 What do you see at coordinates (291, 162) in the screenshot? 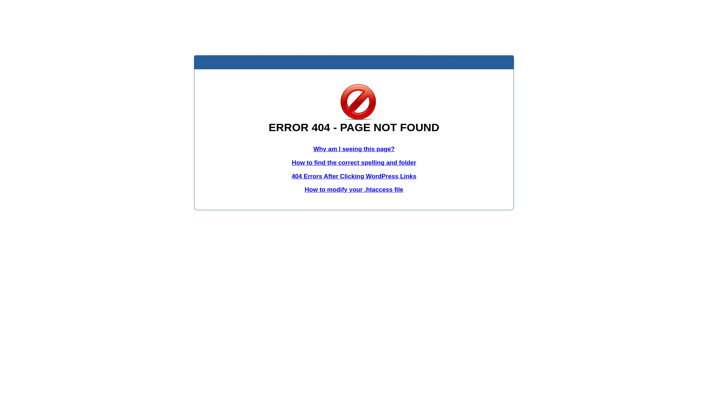
I see `'How to find the correct spelling and folder'` at bounding box center [291, 162].